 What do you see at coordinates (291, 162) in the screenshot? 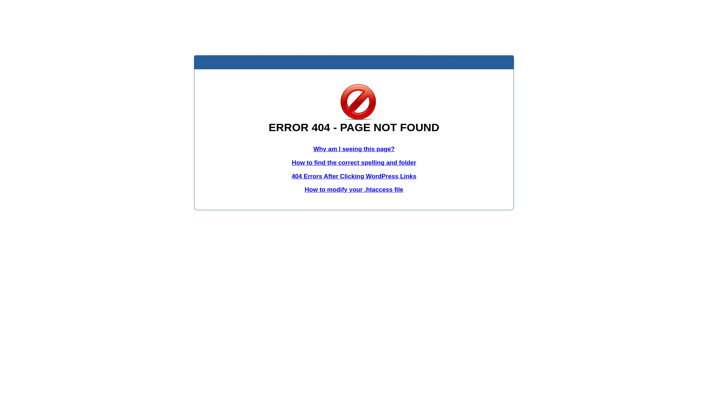
I see `'How to find the correct spelling and folder'` at bounding box center [291, 162].